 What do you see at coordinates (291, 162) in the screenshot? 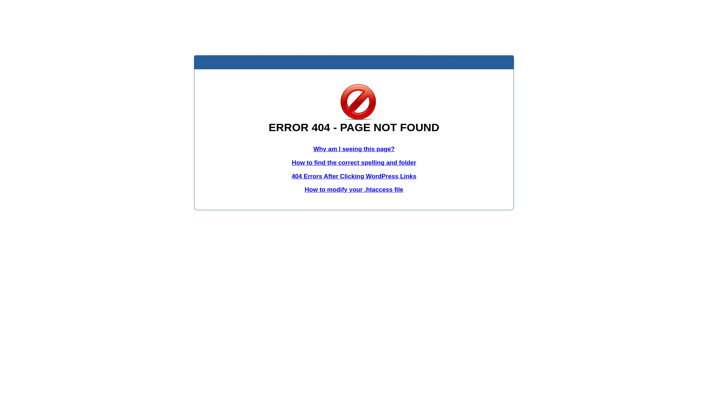
I see `'How to find the correct spelling and folder'` at bounding box center [291, 162].